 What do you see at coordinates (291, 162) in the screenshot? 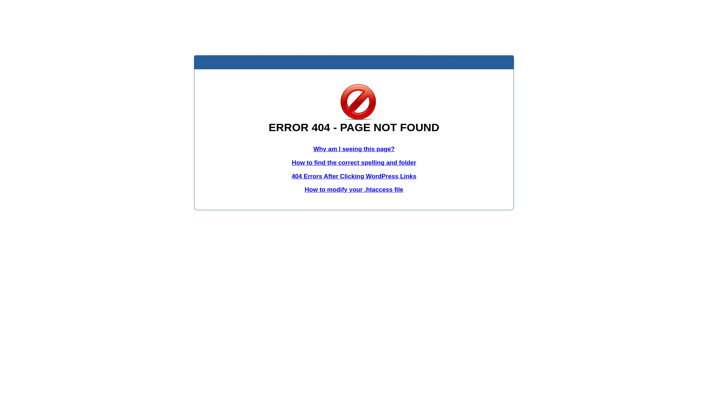
I see `'How to find the correct spelling and folder'` at bounding box center [291, 162].